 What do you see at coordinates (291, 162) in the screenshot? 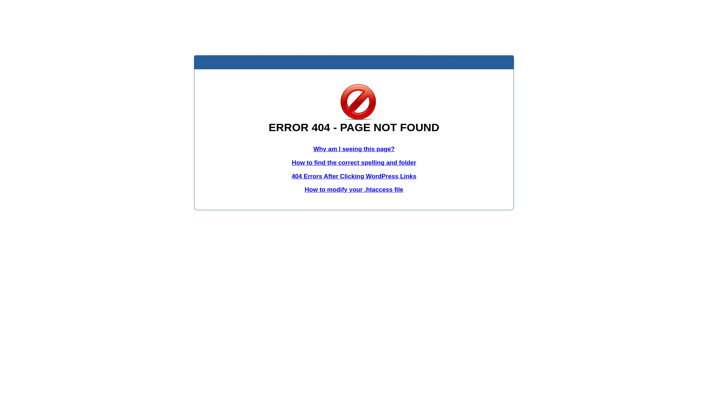
I see `'How to find the correct spelling and folder'` at bounding box center [291, 162].